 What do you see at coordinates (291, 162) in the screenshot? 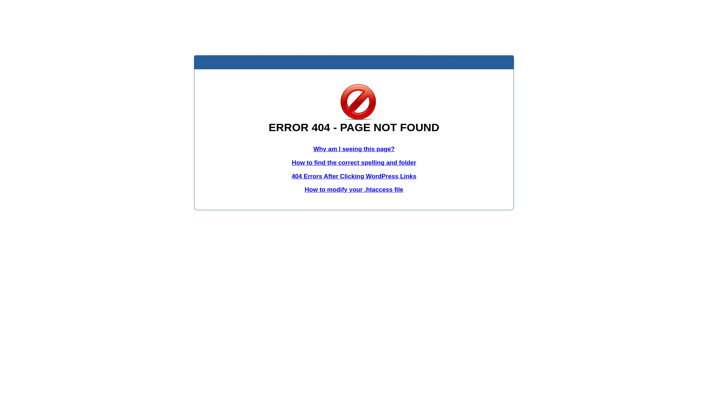
I see `'How to find the correct spelling and folder'` at bounding box center [291, 162].